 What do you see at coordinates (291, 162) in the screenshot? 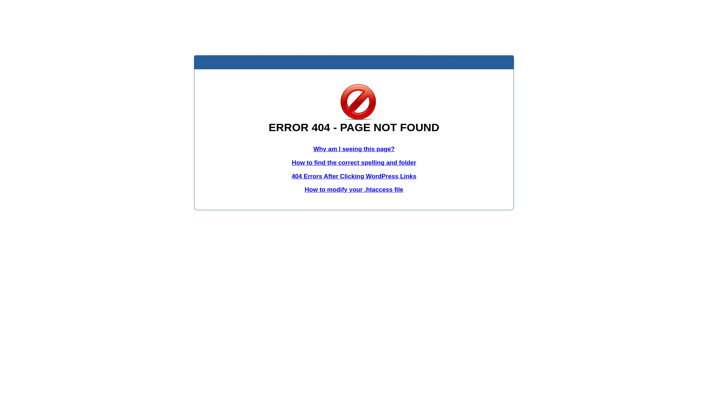
I see `'How to find the correct spelling and folder'` at bounding box center [291, 162].